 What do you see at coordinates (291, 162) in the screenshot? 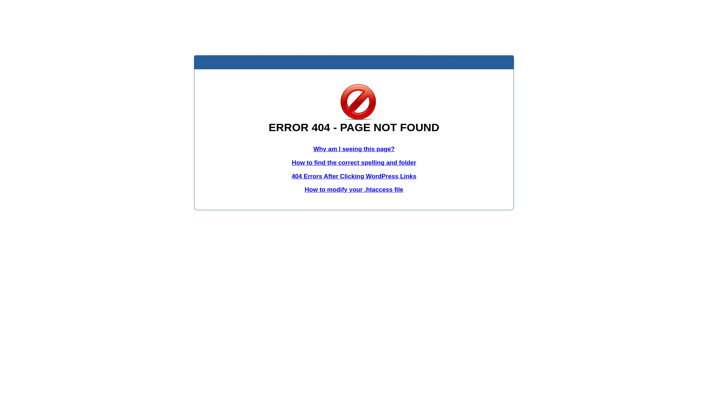
I see `'How to find the correct spelling and folder'` at bounding box center [291, 162].